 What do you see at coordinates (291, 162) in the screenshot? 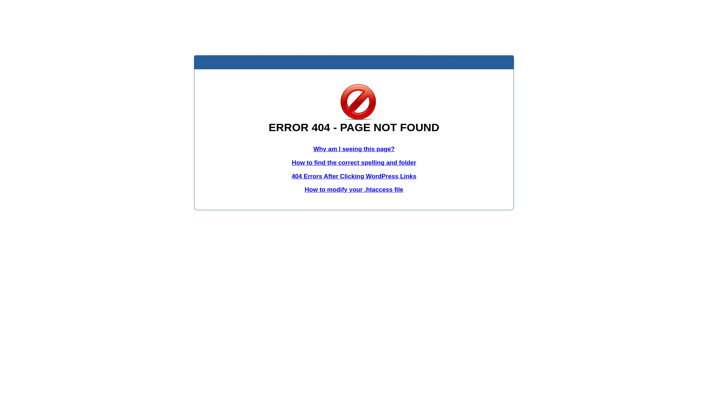
I see `'How to find the correct spelling and folder'` at bounding box center [291, 162].